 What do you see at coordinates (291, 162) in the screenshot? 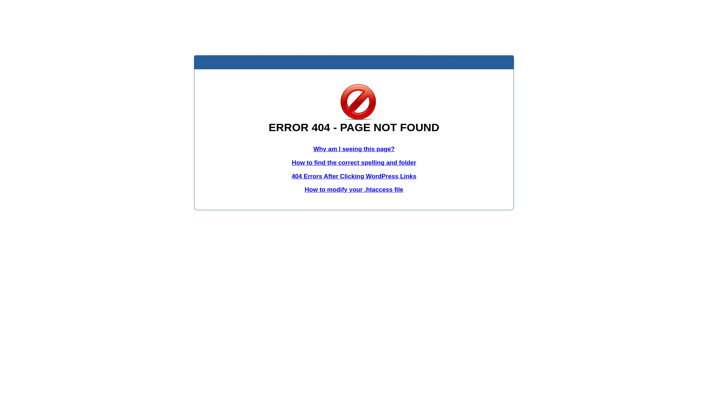
I see `'How to find the correct spelling and folder'` at bounding box center [291, 162].